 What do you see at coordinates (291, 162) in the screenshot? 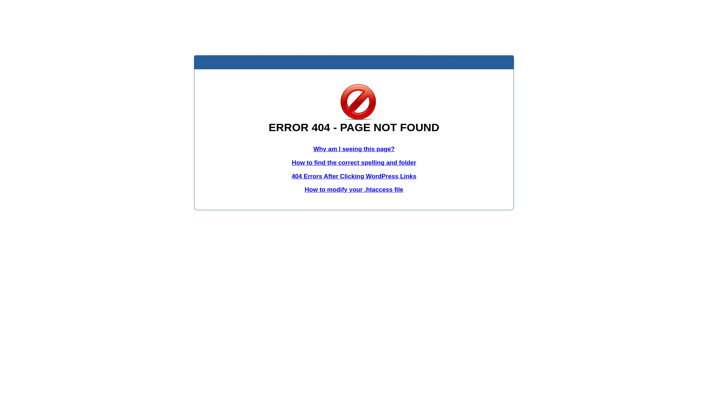
I see `'How to find the correct spelling and folder'` at bounding box center [291, 162].